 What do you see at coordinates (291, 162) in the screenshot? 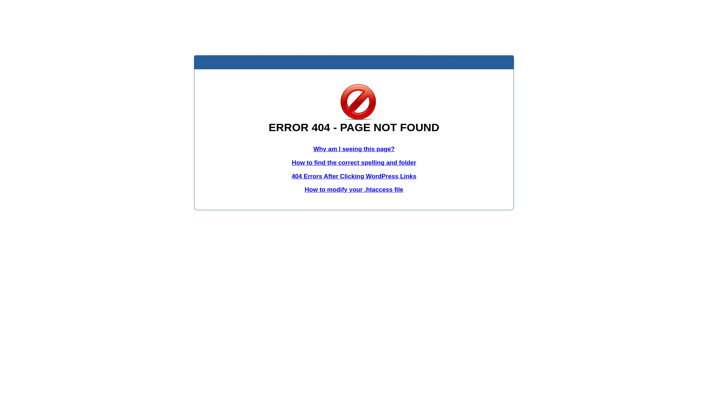
I see `'How to find the correct spelling and folder'` at bounding box center [291, 162].